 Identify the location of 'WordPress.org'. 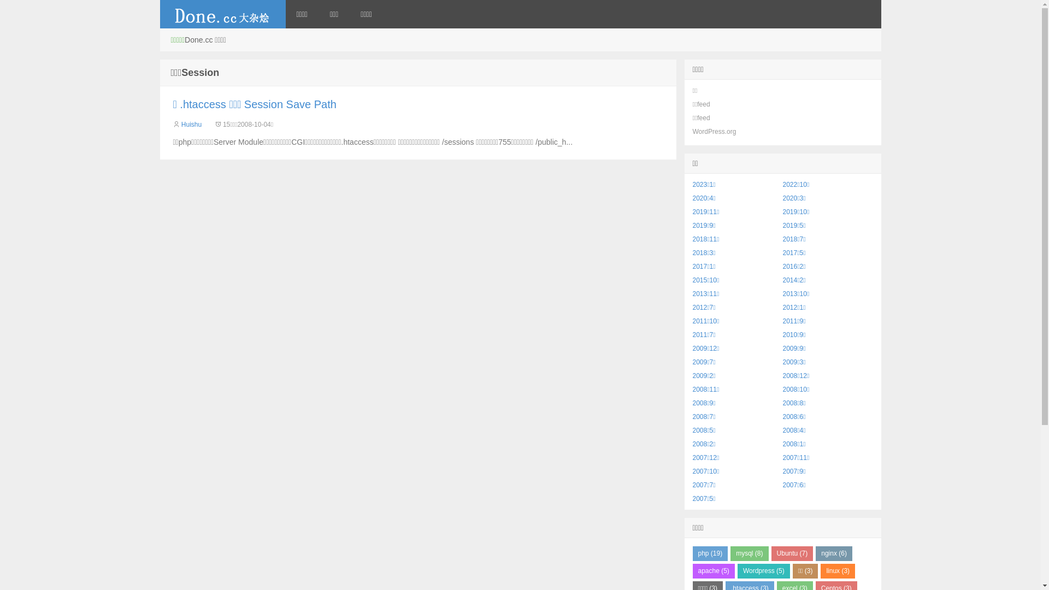
(692, 131).